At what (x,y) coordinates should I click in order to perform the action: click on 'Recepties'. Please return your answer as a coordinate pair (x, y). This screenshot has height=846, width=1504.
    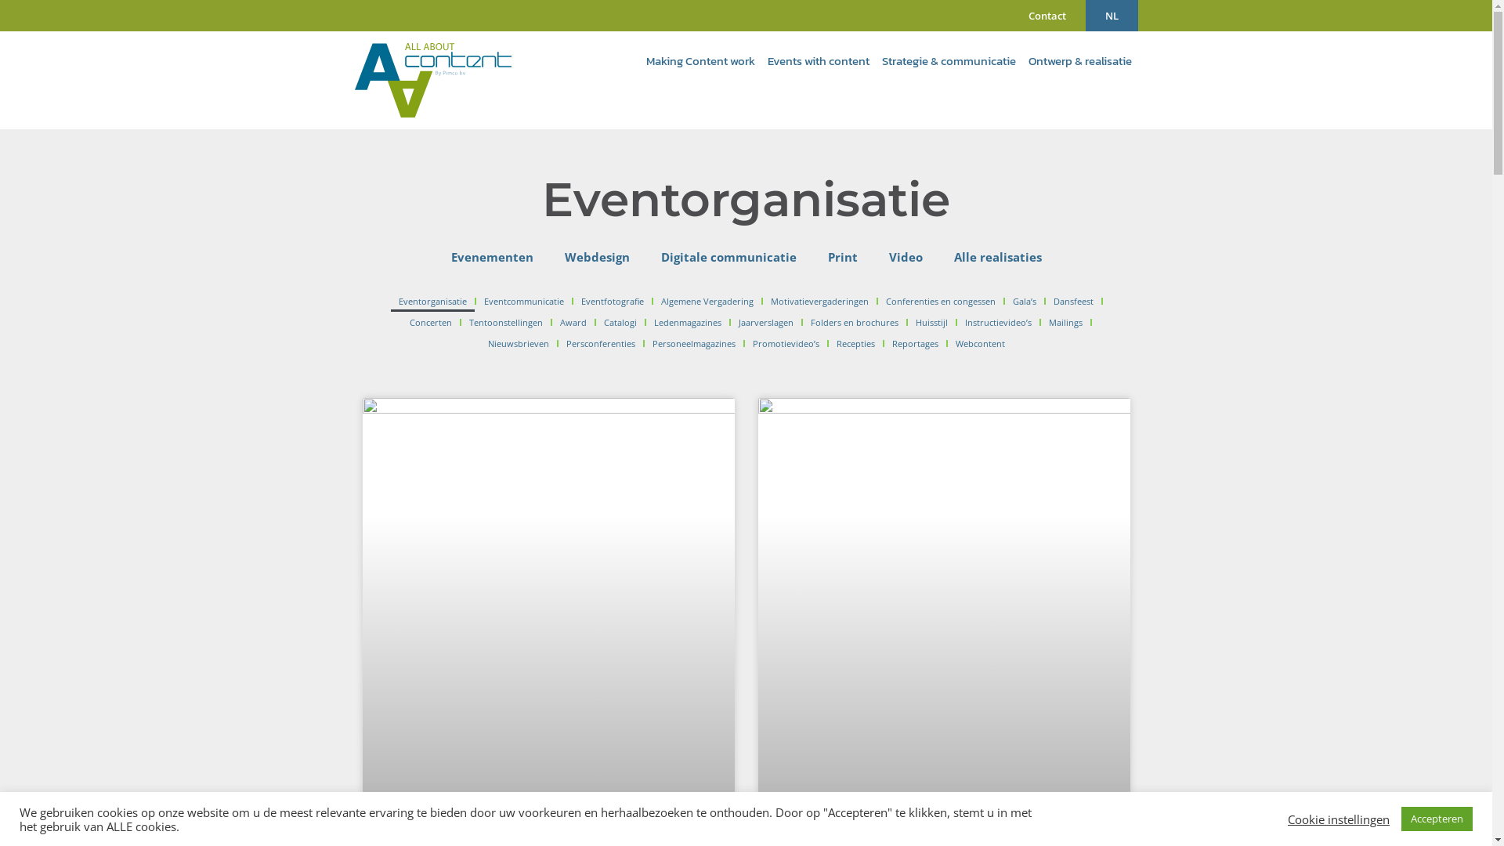
    Looking at the image, I should click on (855, 343).